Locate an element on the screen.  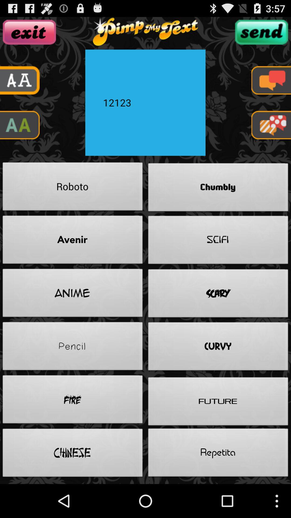
send option is located at coordinates (261, 32).